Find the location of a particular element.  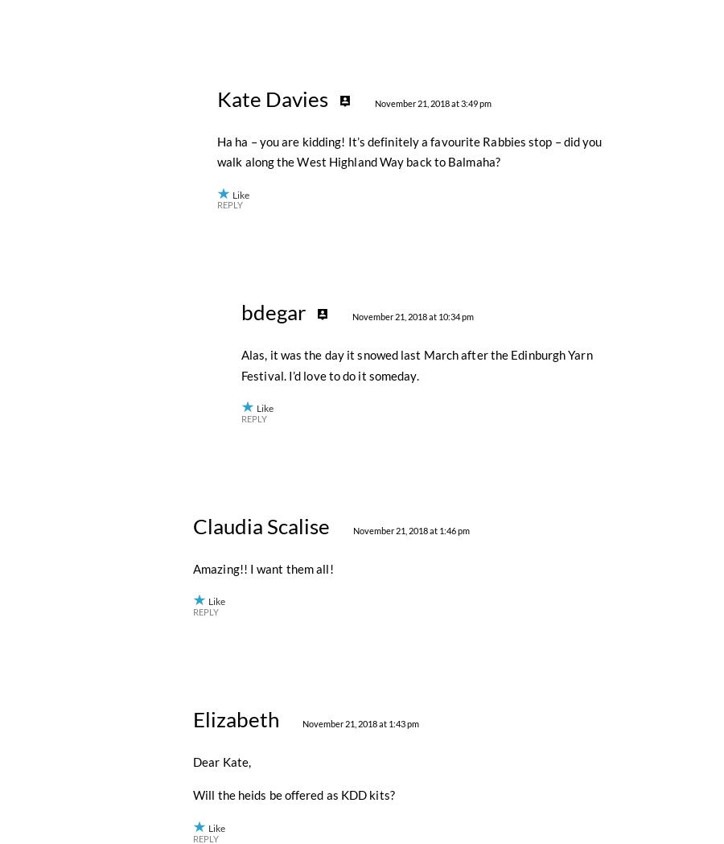

'I’ll have to get more Milarrochy Tweed! An aside, last March 18th, 2 other knitters and I took a day tour out of Edinburgh on the day it snowed with Rabbie’s Tours. We had no idea we were going to stop at Milarrochy.  It took us a moment to realize where we were (the tree cued us).  One of my fellow knitters saw a man in the distance with a Black Lab. :)' is located at coordinates (407, 260).